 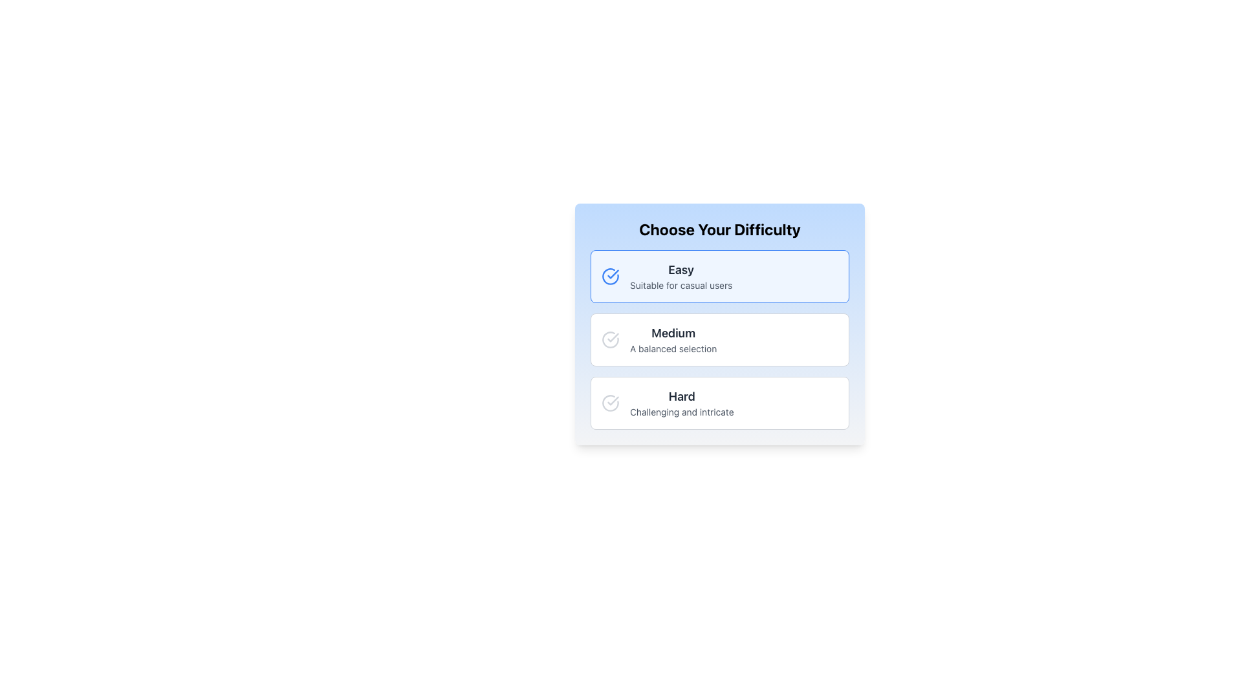 What do you see at coordinates (681, 403) in the screenshot?
I see `the text element labeled 'Hard' that indicates a challenging difficulty selection` at bounding box center [681, 403].